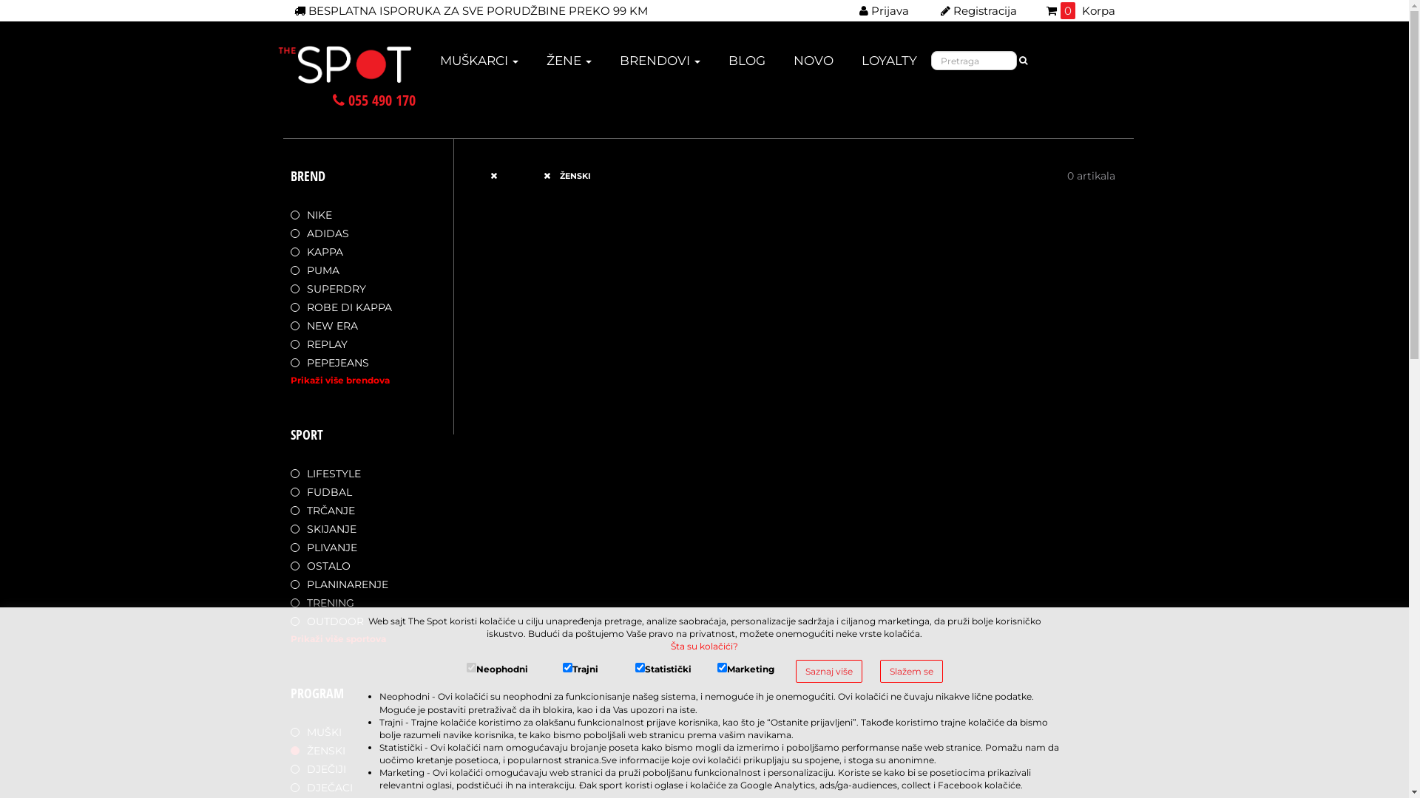 The width and height of the screenshot is (1420, 798). Describe the element at coordinates (933, 10) in the screenshot. I see `'Registracija'` at that location.